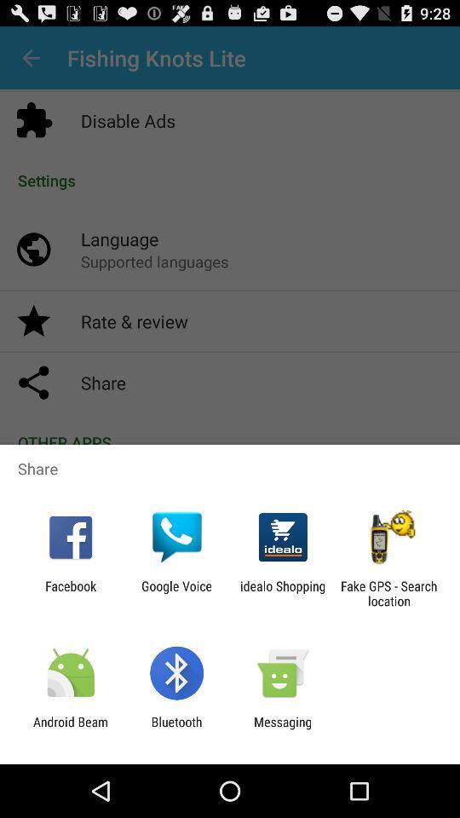 The image size is (460, 818). What do you see at coordinates (70, 593) in the screenshot?
I see `the icon to the left of the google voice app` at bounding box center [70, 593].